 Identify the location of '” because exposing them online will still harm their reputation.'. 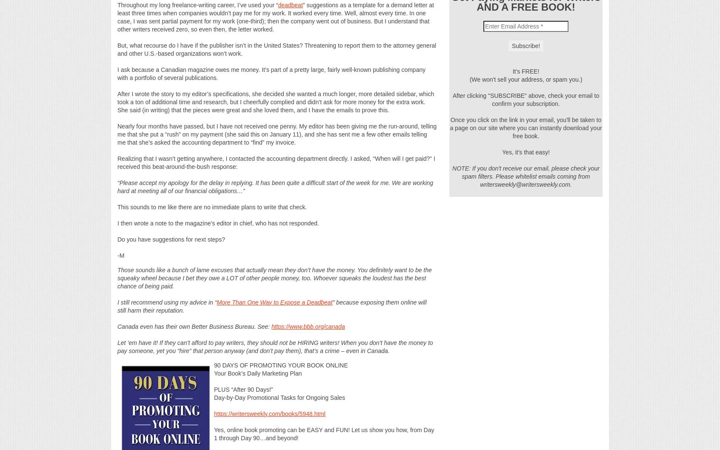
(272, 306).